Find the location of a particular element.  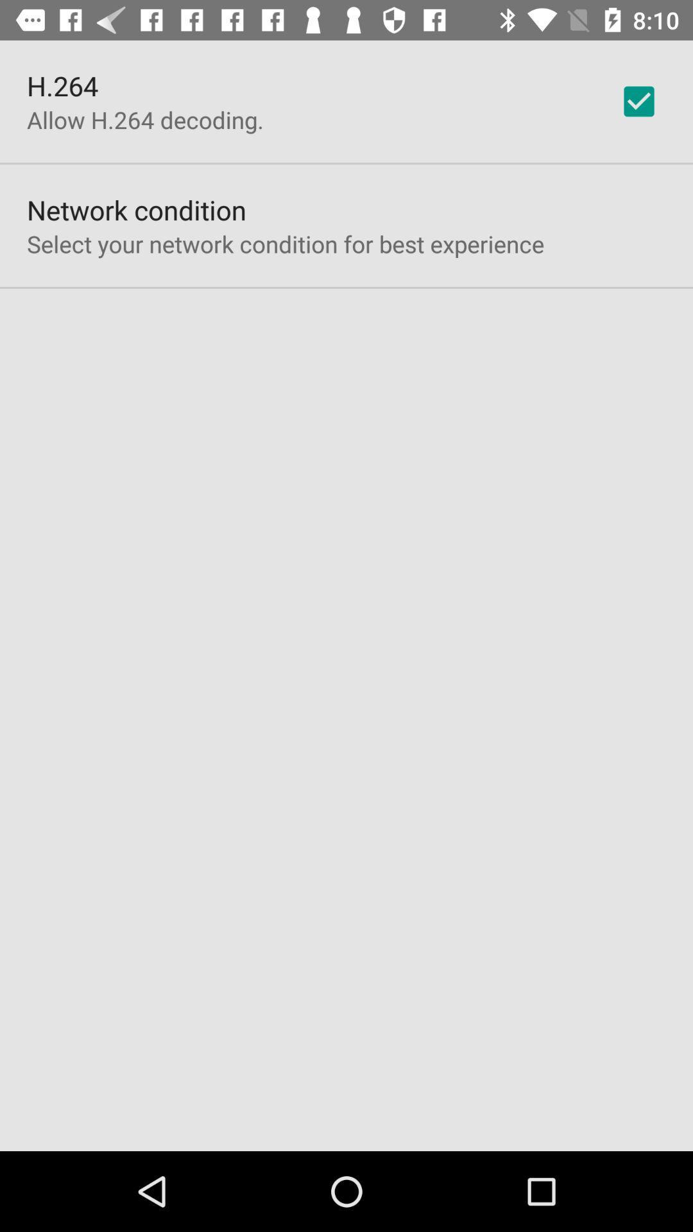

checkbox at the top right corner is located at coordinates (638, 101).